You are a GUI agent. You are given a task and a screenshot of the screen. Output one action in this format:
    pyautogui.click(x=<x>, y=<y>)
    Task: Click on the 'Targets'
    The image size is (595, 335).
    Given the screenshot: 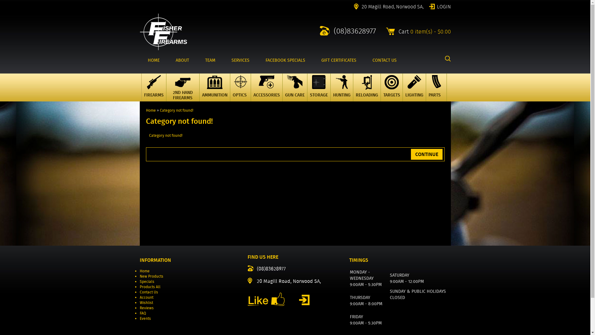 What is the action you would take?
    pyautogui.click(x=391, y=91)
    